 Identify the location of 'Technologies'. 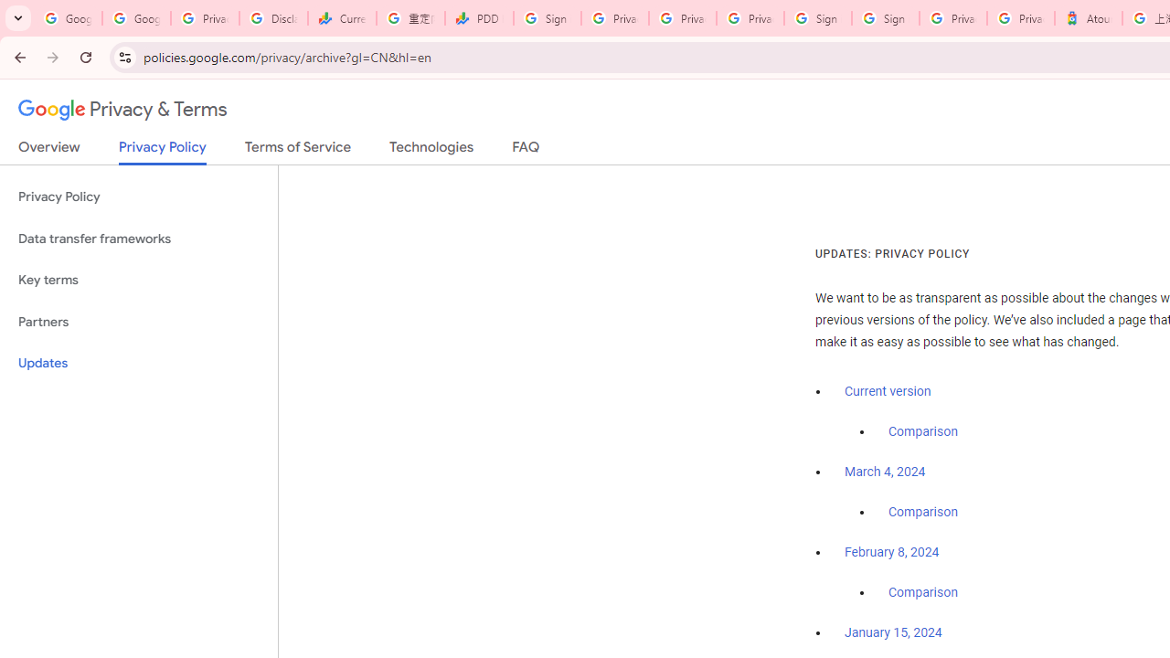
(431, 150).